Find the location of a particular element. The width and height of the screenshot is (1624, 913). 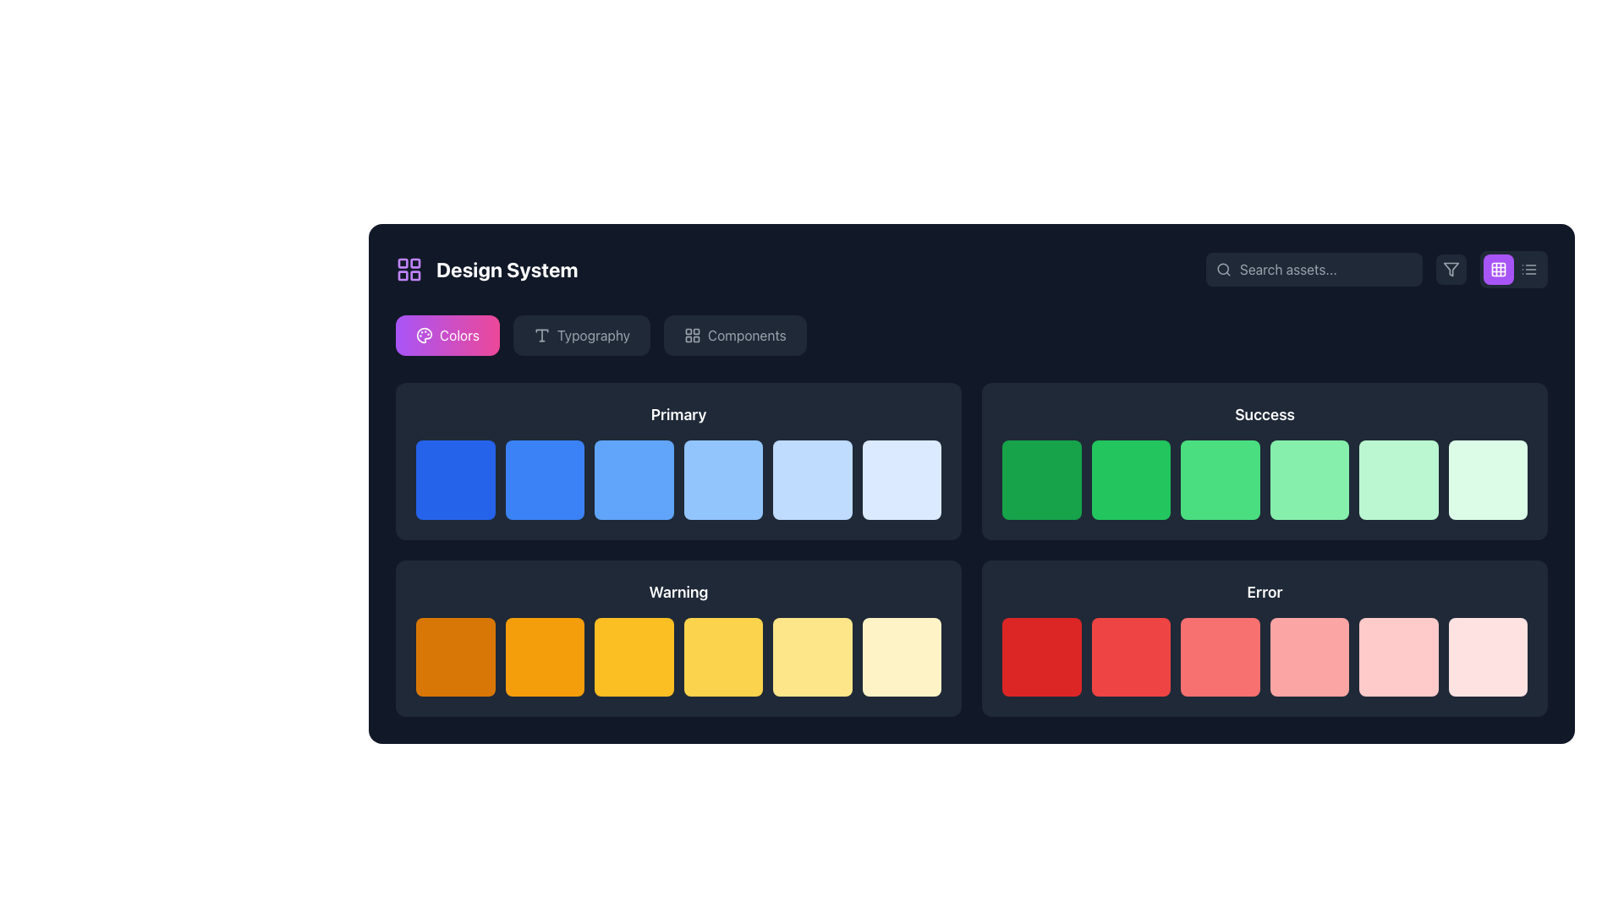

the fifth interactive rectangular div block labeled 'Error' with a light pink color and rounded borders is located at coordinates (1398, 656).